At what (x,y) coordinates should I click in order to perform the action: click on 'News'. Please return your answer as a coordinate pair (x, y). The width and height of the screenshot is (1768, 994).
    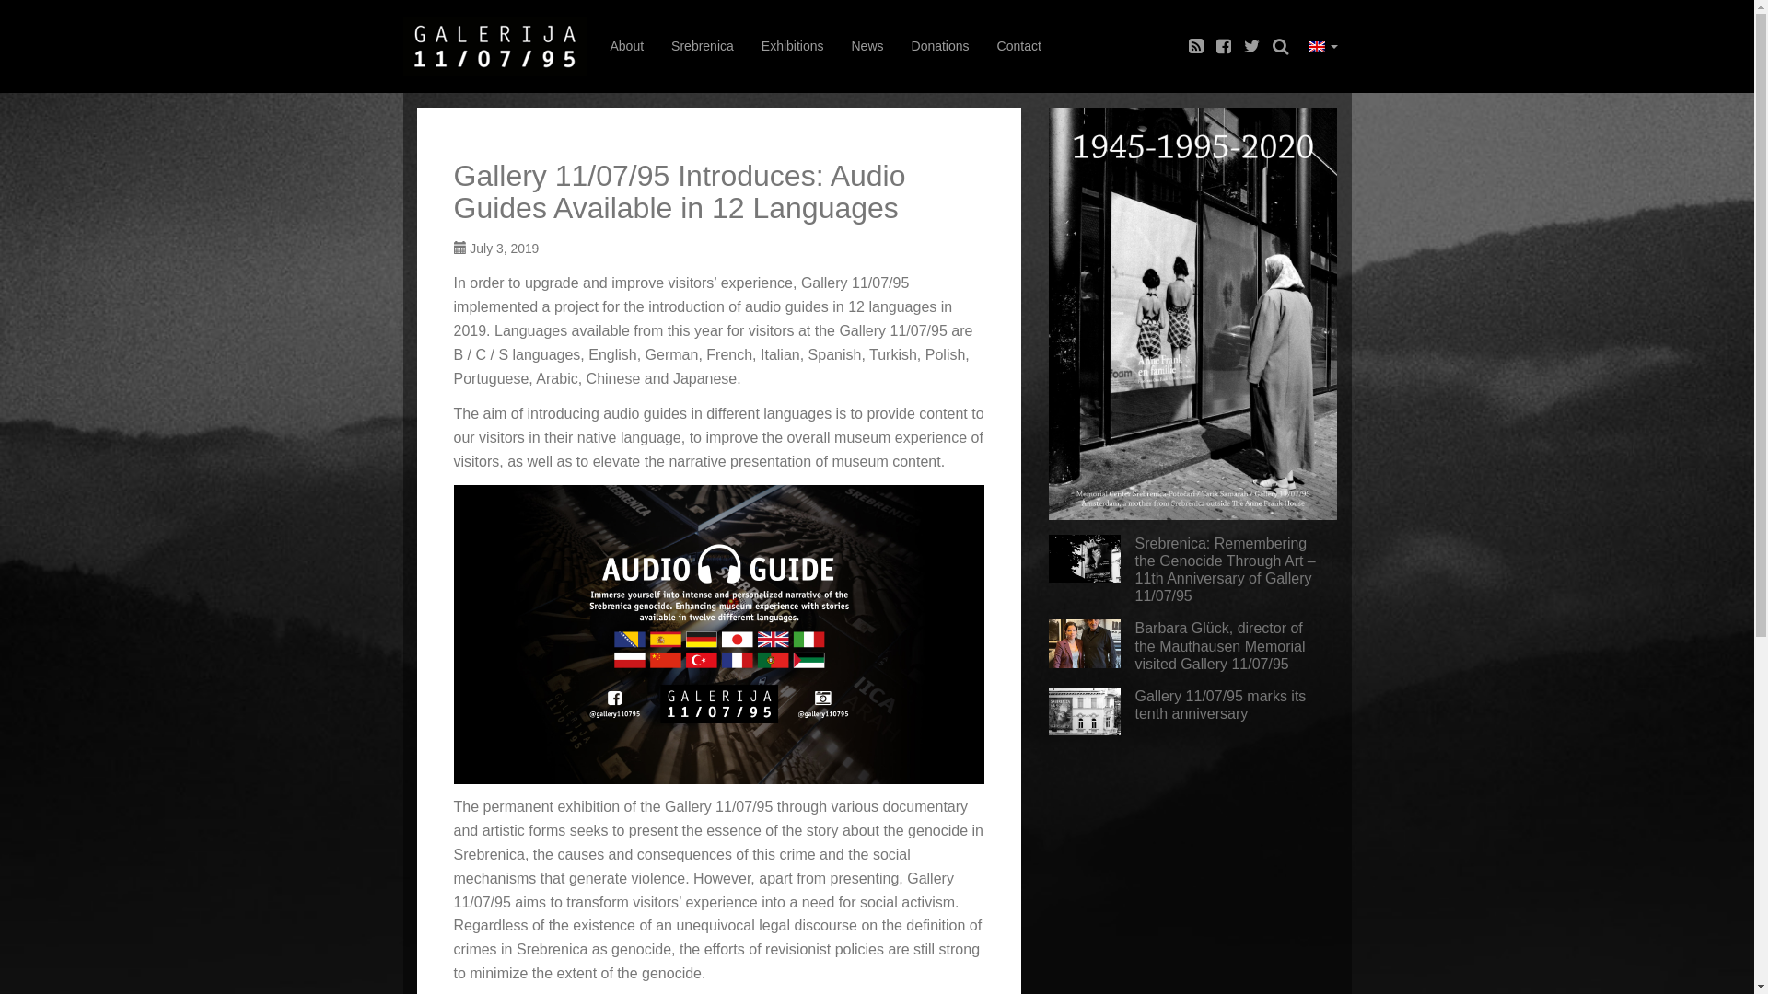
    Looking at the image, I should click on (867, 45).